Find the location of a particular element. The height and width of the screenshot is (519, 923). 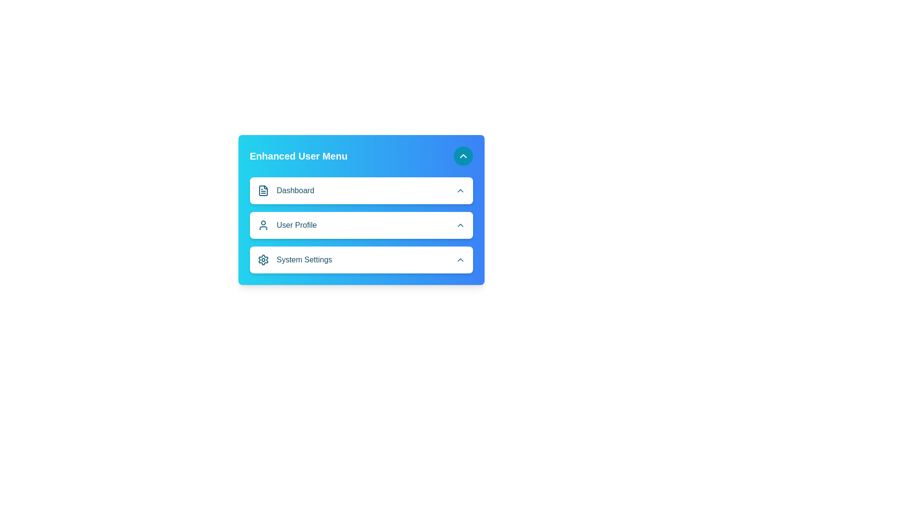

the 'Dashboard' text label is located at coordinates (295, 191).